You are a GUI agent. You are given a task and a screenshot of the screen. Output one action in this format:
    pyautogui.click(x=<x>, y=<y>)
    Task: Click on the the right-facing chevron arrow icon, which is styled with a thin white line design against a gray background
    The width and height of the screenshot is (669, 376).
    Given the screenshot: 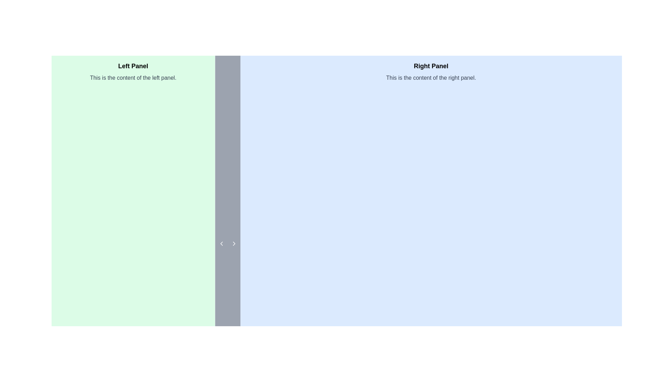 What is the action you would take?
    pyautogui.click(x=234, y=243)
    